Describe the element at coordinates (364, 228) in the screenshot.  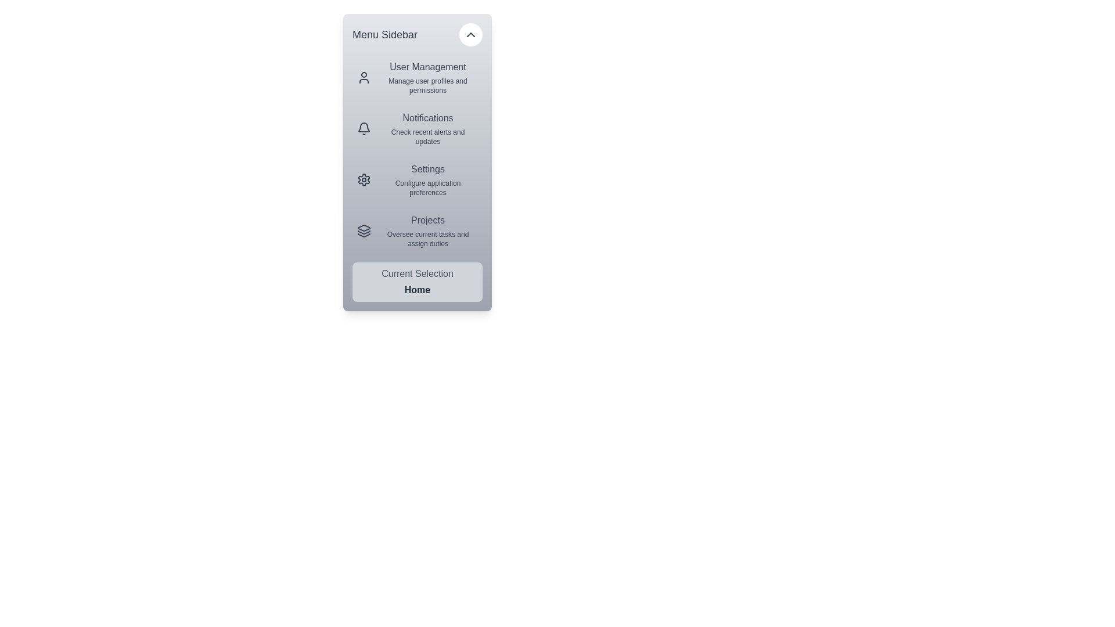
I see `the layer icon, which is a diamond-like shape with inner layering, located in the middle of the menu sidebar below the 'Settings' section and adjacent to the 'Projects' label` at that location.